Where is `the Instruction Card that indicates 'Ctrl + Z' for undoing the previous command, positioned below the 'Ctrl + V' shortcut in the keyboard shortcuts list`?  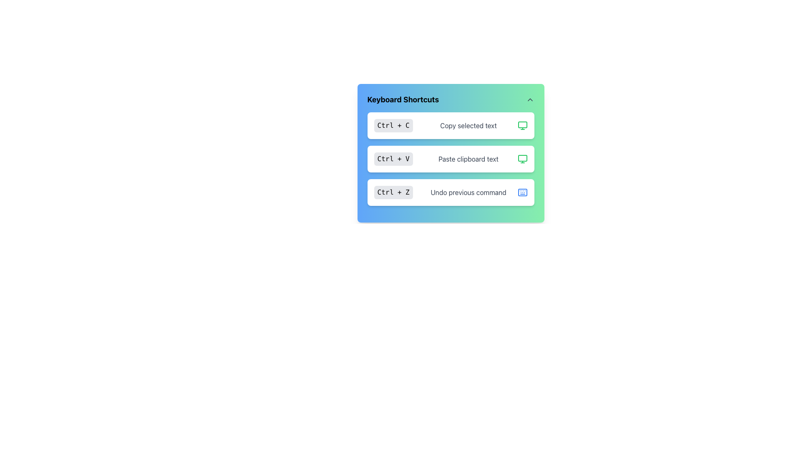 the Instruction Card that indicates 'Ctrl + Z' for undoing the previous command, positioned below the 'Ctrl + V' shortcut in the keyboard shortcuts list is located at coordinates (450, 193).